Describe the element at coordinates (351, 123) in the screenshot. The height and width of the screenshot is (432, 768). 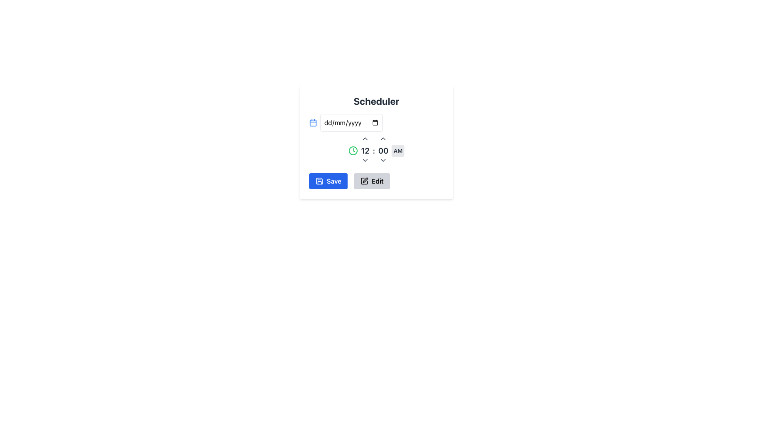
I see `the date input field, which is a rectangular box styled with rounded borders, to activate its focus state` at that location.